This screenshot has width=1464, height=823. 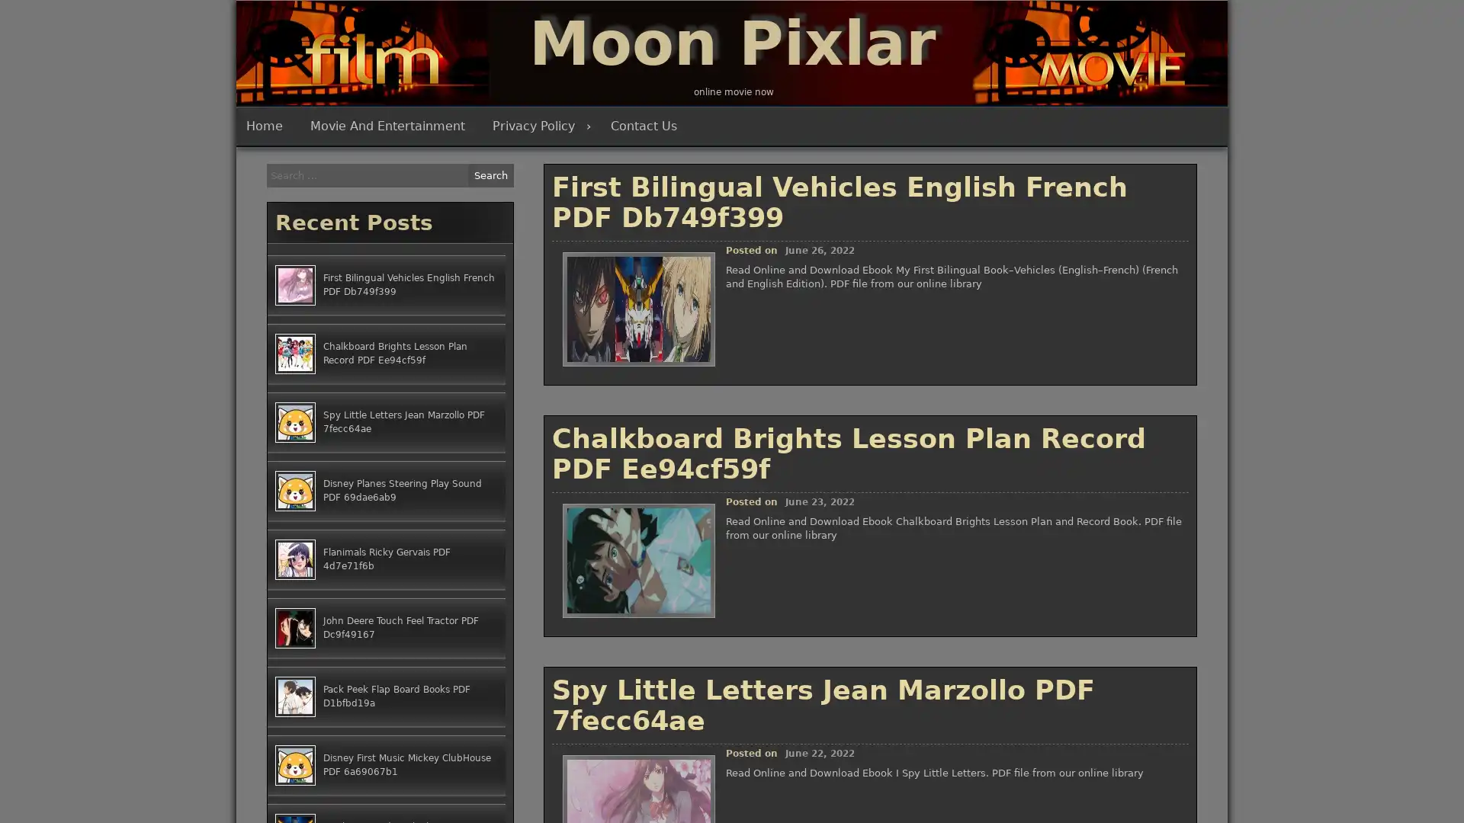 What do you see at coordinates (490, 175) in the screenshot?
I see `Search` at bounding box center [490, 175].